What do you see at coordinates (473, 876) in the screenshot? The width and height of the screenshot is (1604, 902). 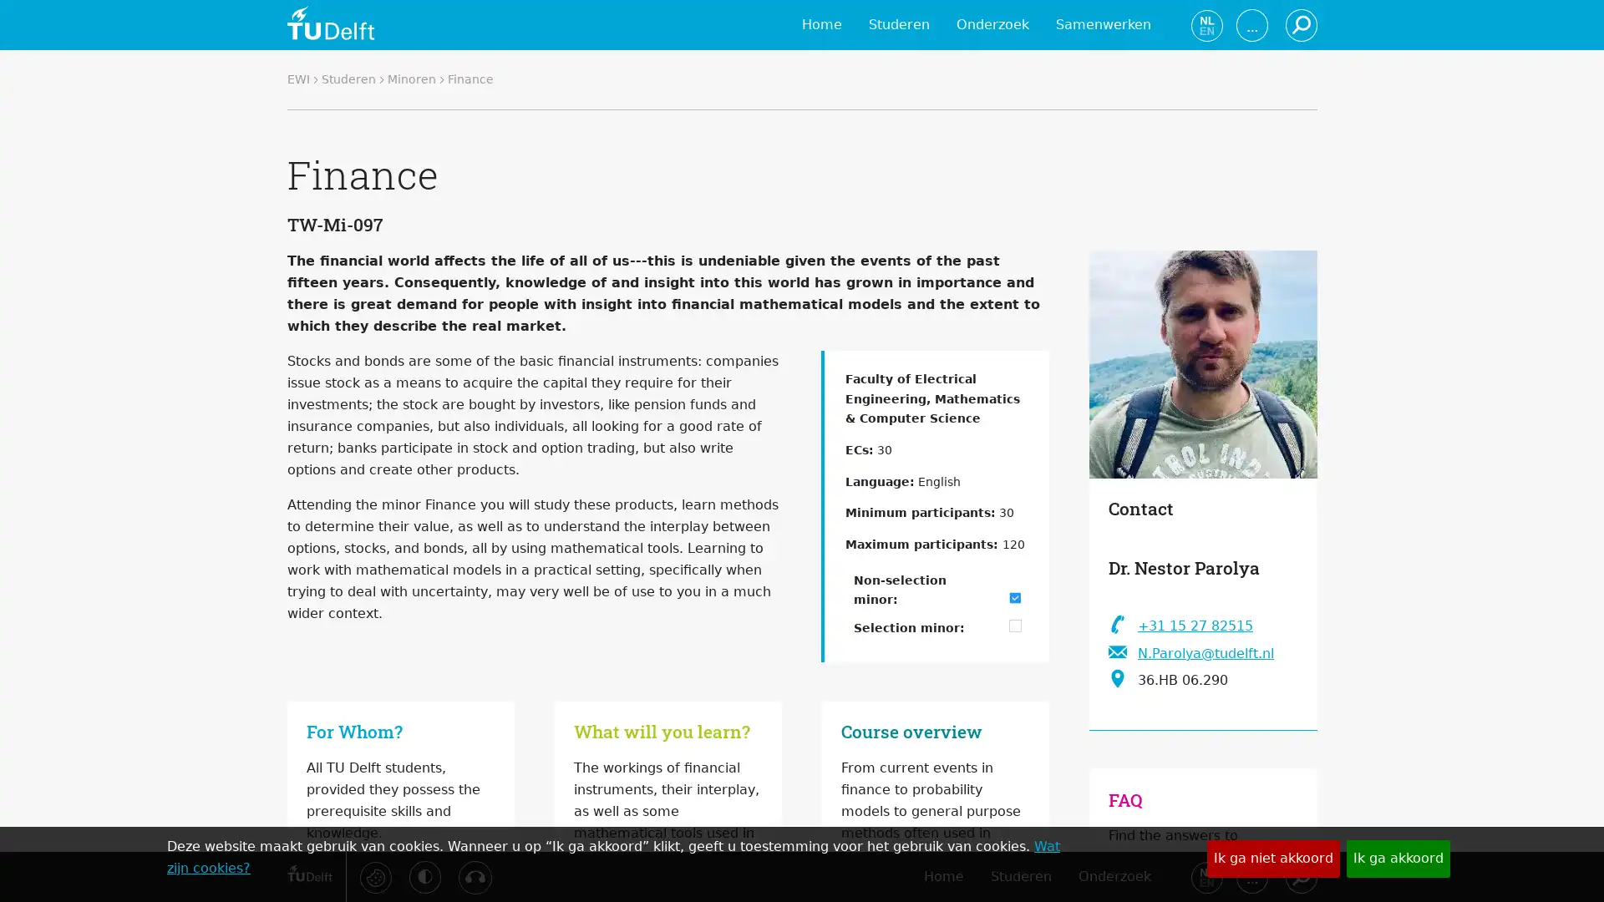 I see `Luister met de ReachDeck-werkbalk` at bounding box center [473, 876].